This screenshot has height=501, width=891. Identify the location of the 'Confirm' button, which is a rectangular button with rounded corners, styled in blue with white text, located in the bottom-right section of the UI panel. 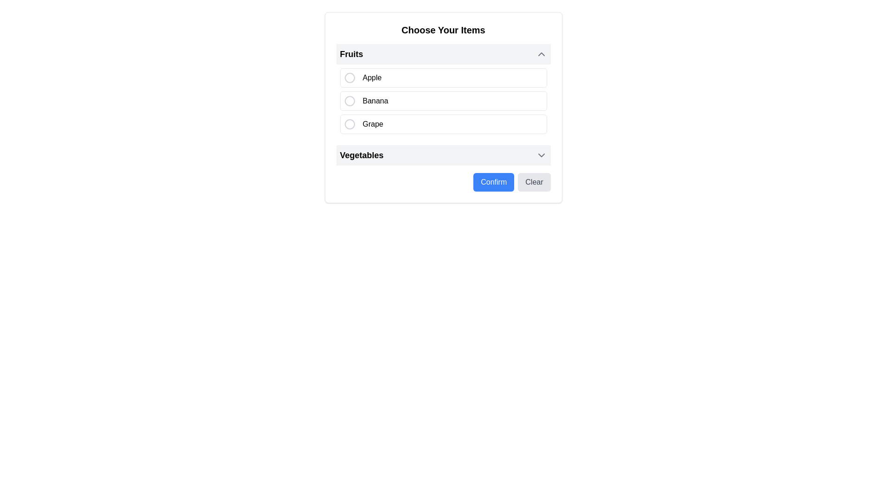
(493, 182).